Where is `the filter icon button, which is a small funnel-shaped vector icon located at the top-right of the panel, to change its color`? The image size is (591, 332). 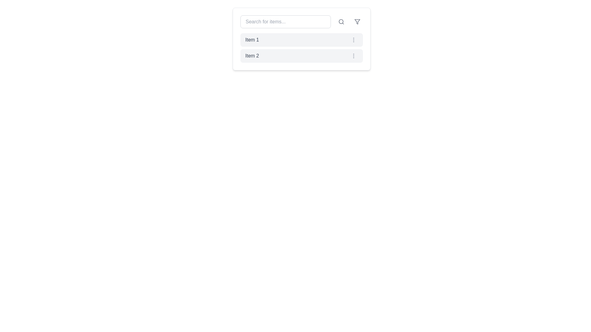
the filter icon button, which is a small funnel-shaped vector icon located at the top-right of the panel, to change its color is located at coordinates (357, 21).